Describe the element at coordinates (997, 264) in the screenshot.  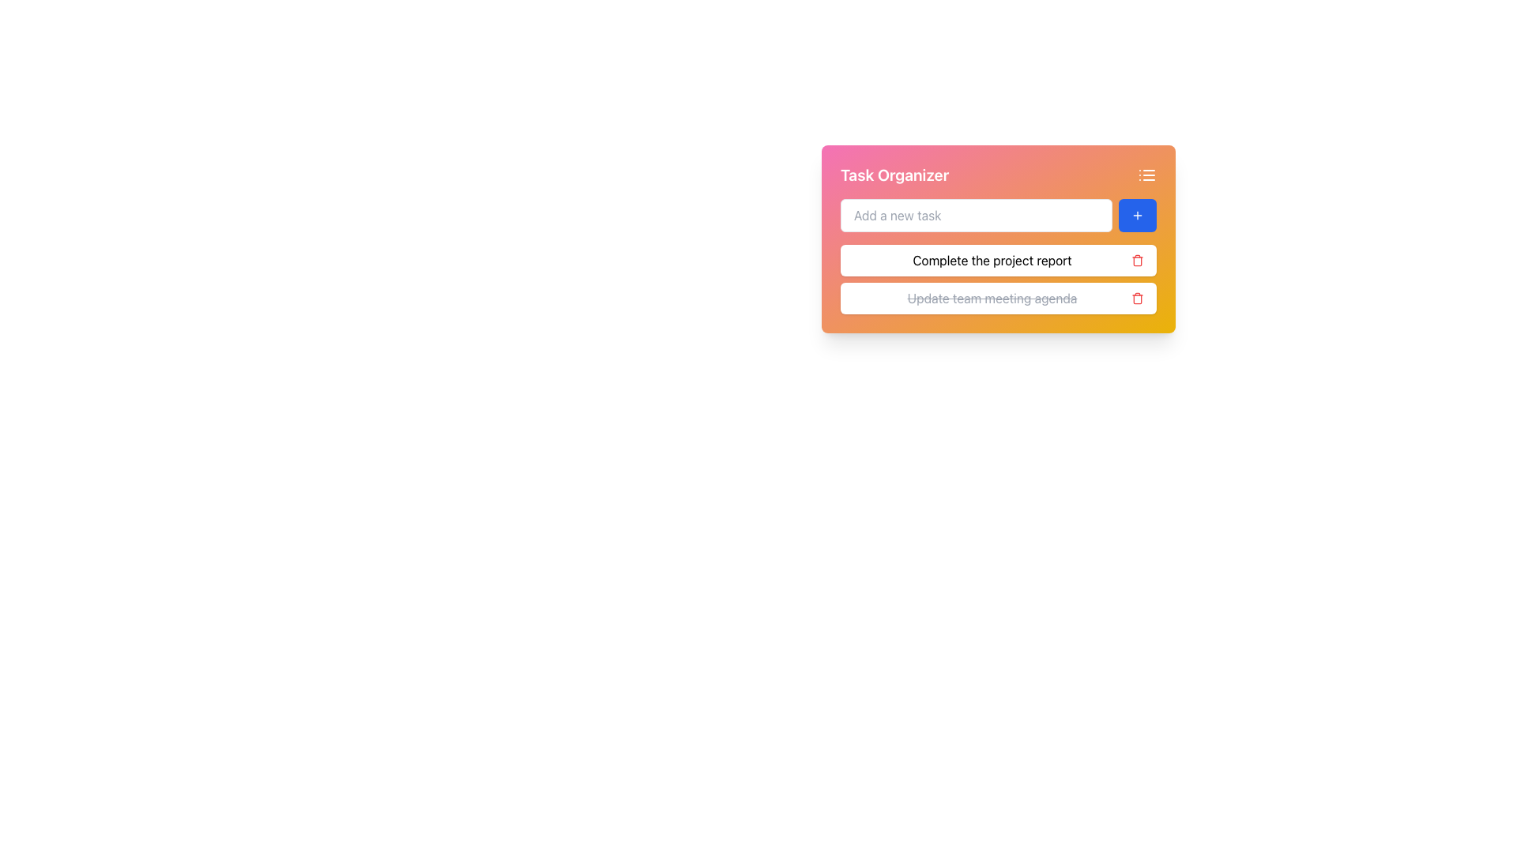
I see `the rectangular panel styled with a soft gradient transitioning from pink to yellow, located in the right half of the viewport` at that location.